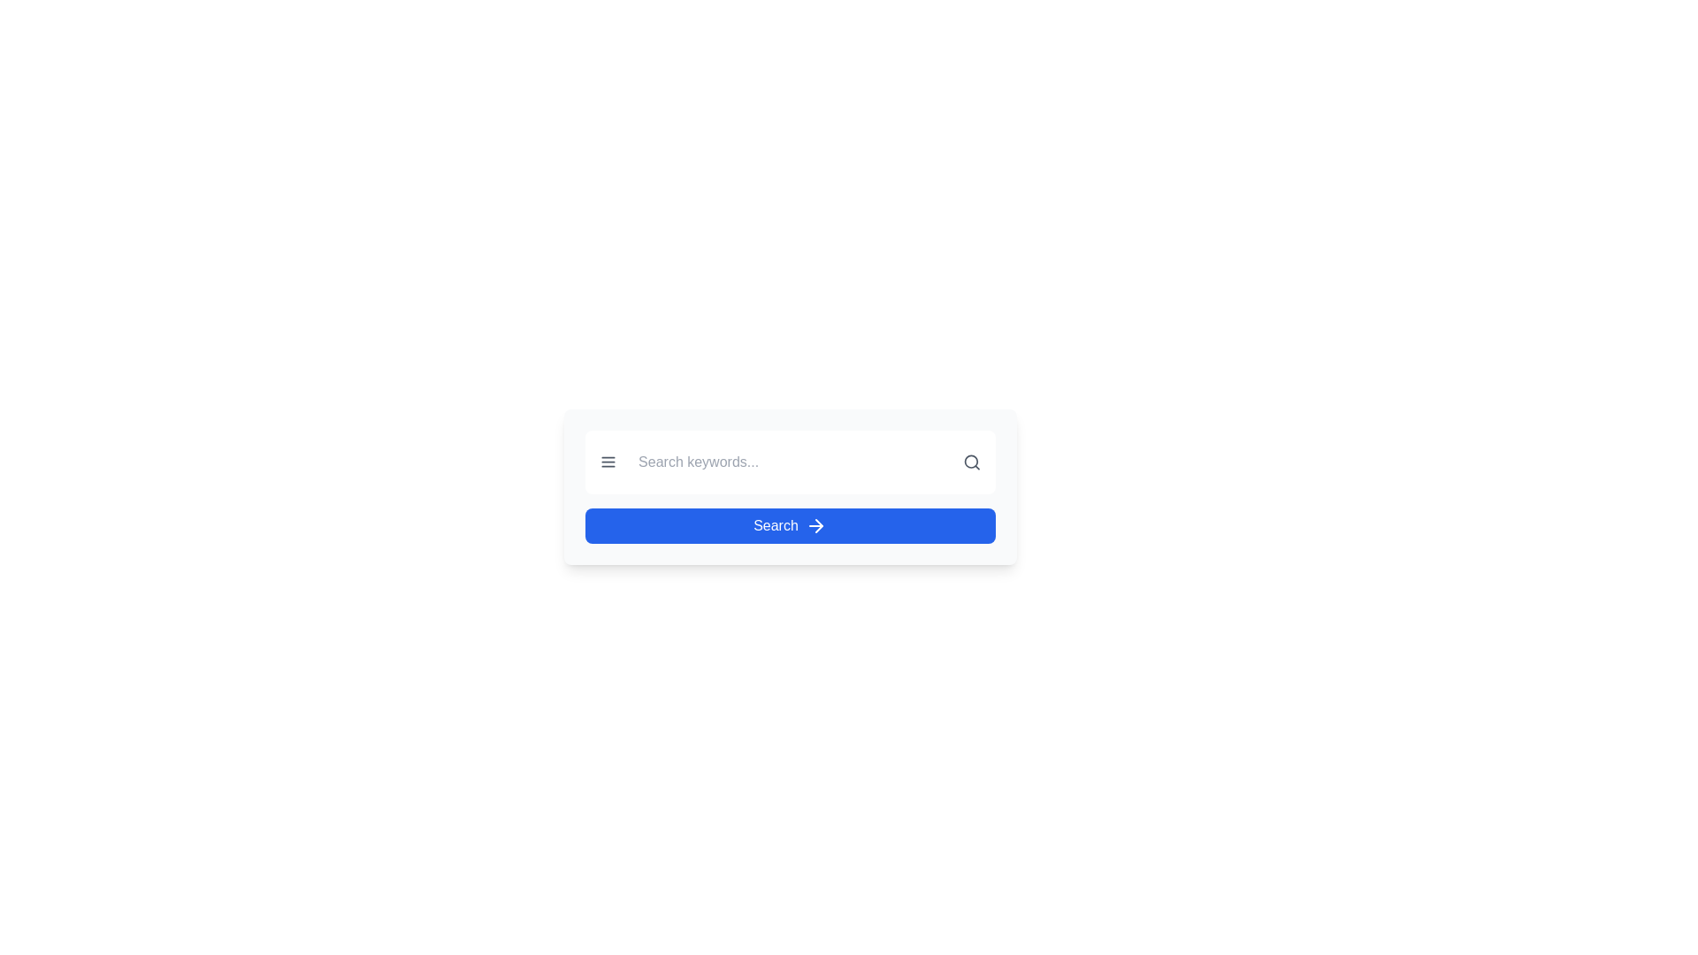  What do you see at coordinates (970, 461) in the screenshot?
I see `the Circle graphical component of the magnifying glass icon, which represents search functionality, located to the right of the search input field` at bounding box center [970, 461].